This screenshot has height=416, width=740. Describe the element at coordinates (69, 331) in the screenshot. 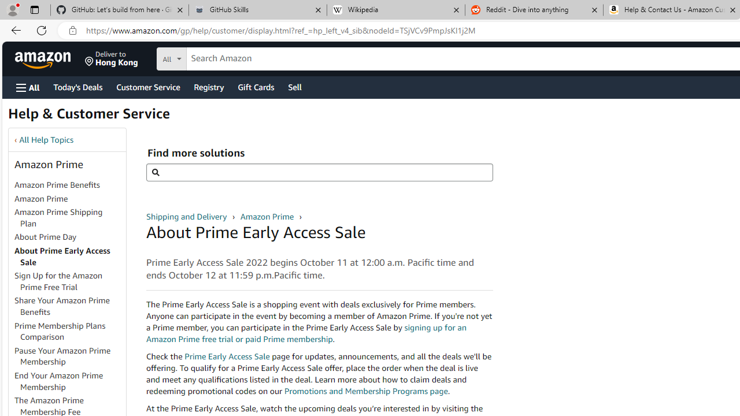

I see `'Prime Membership Plans Comparison'` at that location.